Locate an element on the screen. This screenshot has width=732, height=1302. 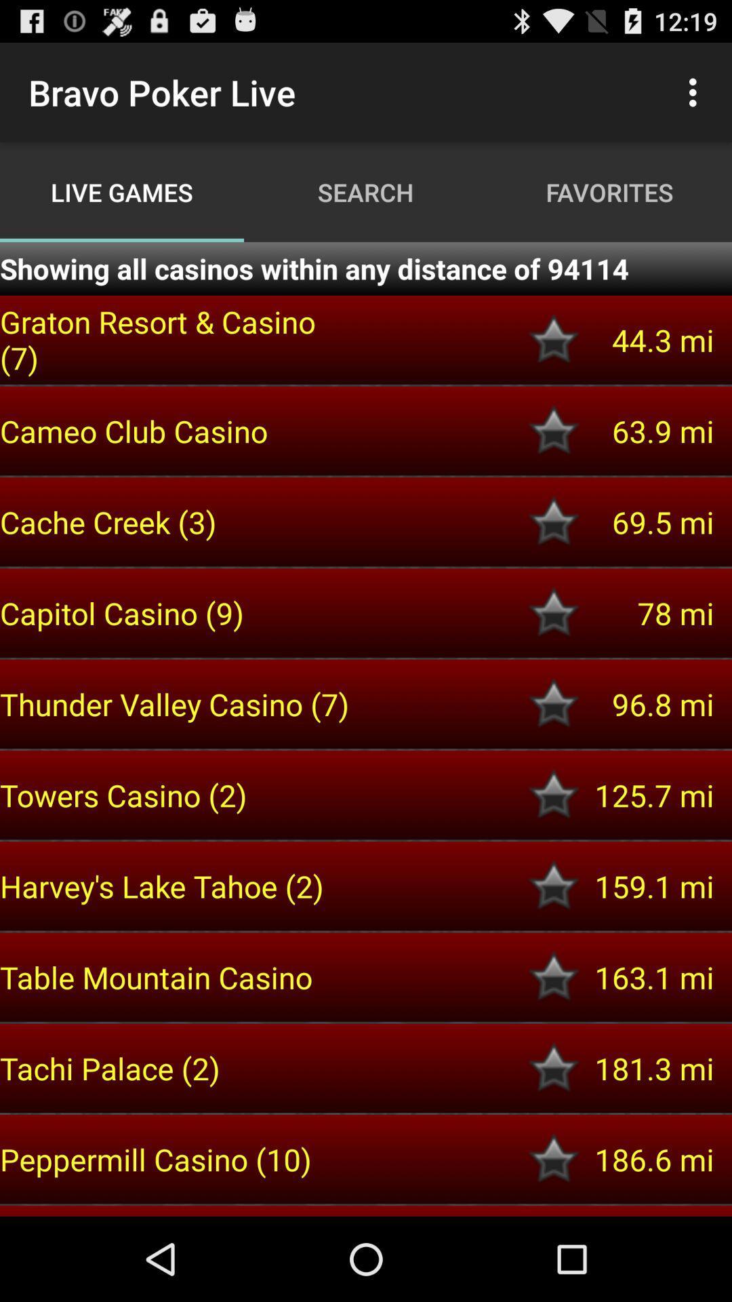
the peppermill casino (10) is located at coordinates (177, 1158).